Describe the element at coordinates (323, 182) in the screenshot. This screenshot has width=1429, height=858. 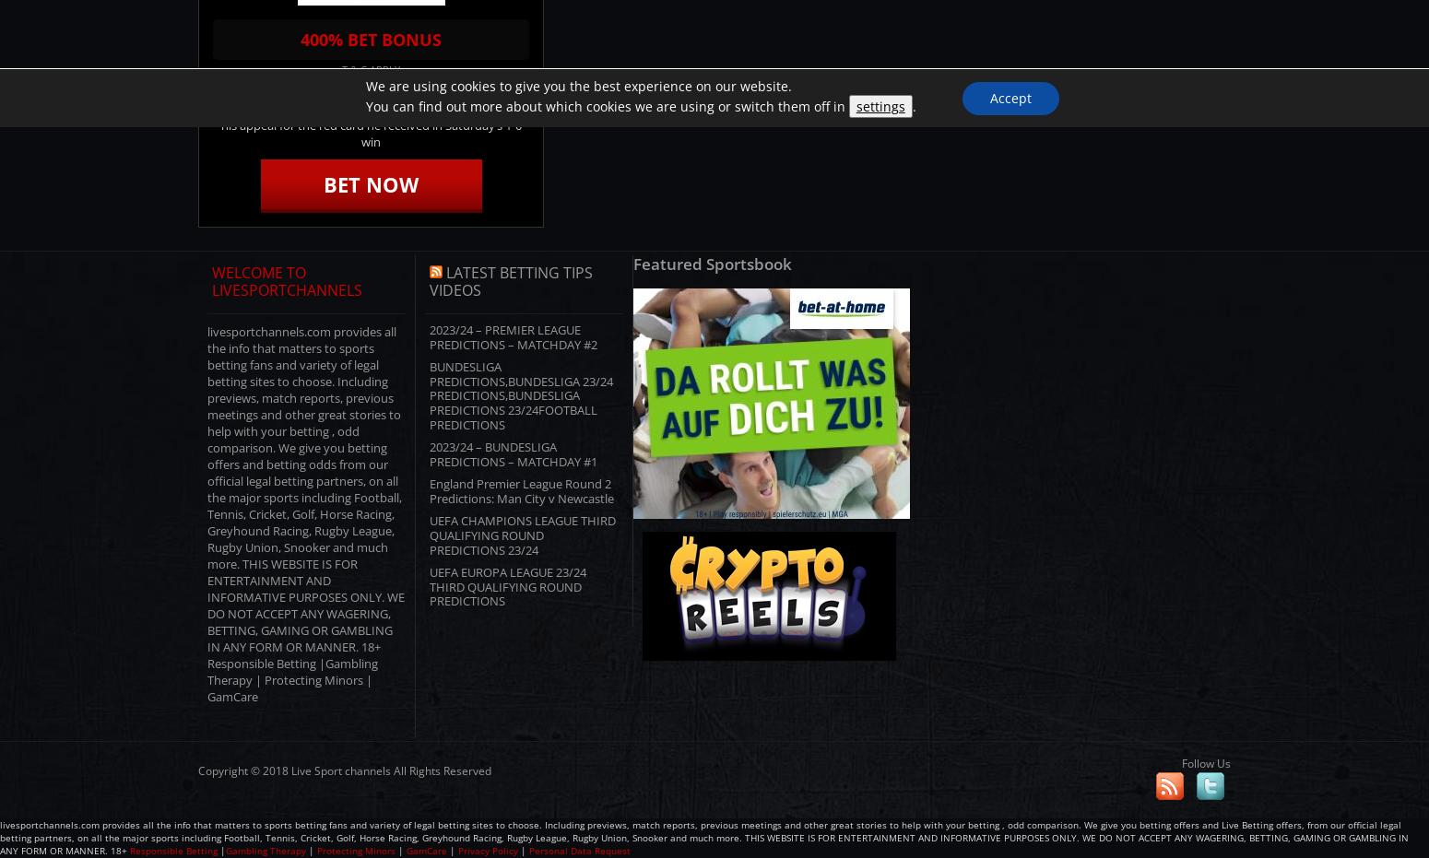
I see `'Bet Now'` at that location.